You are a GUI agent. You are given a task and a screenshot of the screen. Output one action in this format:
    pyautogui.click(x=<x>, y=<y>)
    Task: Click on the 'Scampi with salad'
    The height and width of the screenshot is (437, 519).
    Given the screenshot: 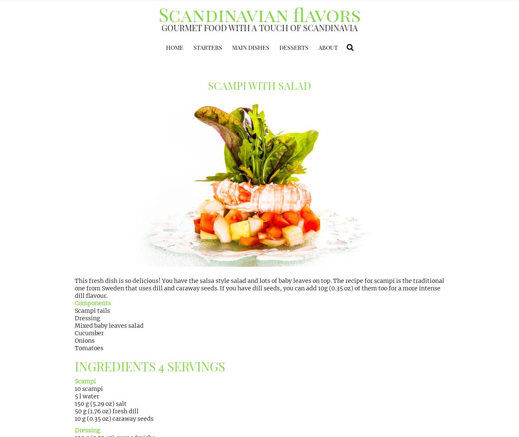 What is the action you would take?
    pyautogui.click(x=259, y=85)
    